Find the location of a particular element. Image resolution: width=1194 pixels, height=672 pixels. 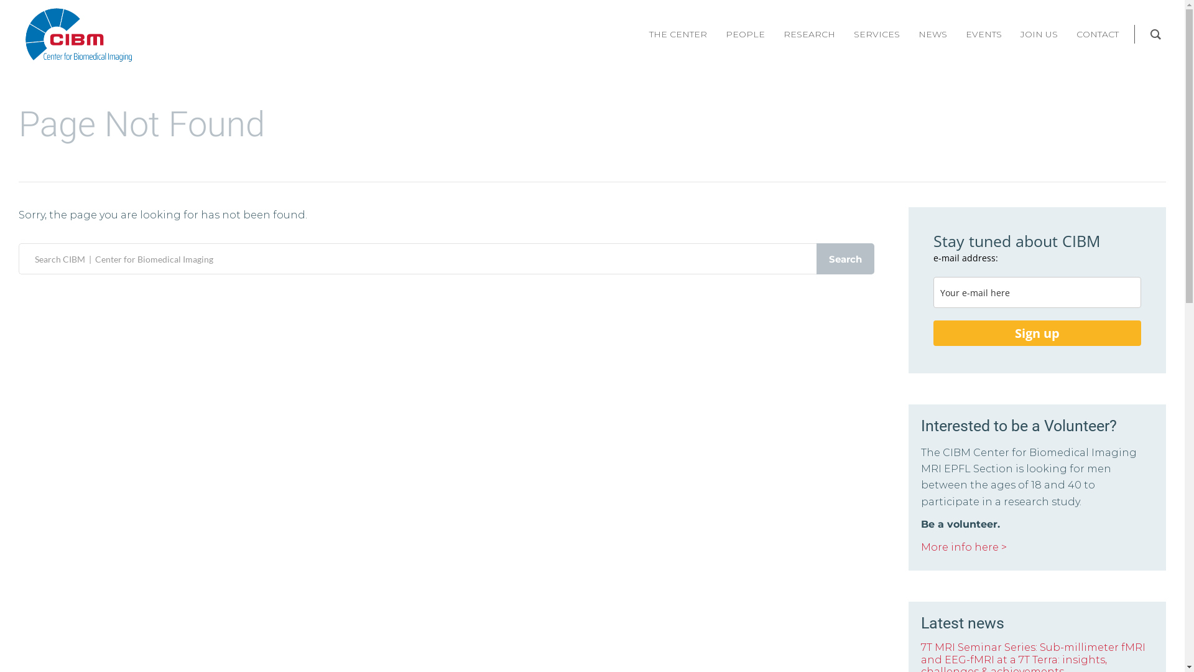

'NEWS' is located at coordinates (932, 33).